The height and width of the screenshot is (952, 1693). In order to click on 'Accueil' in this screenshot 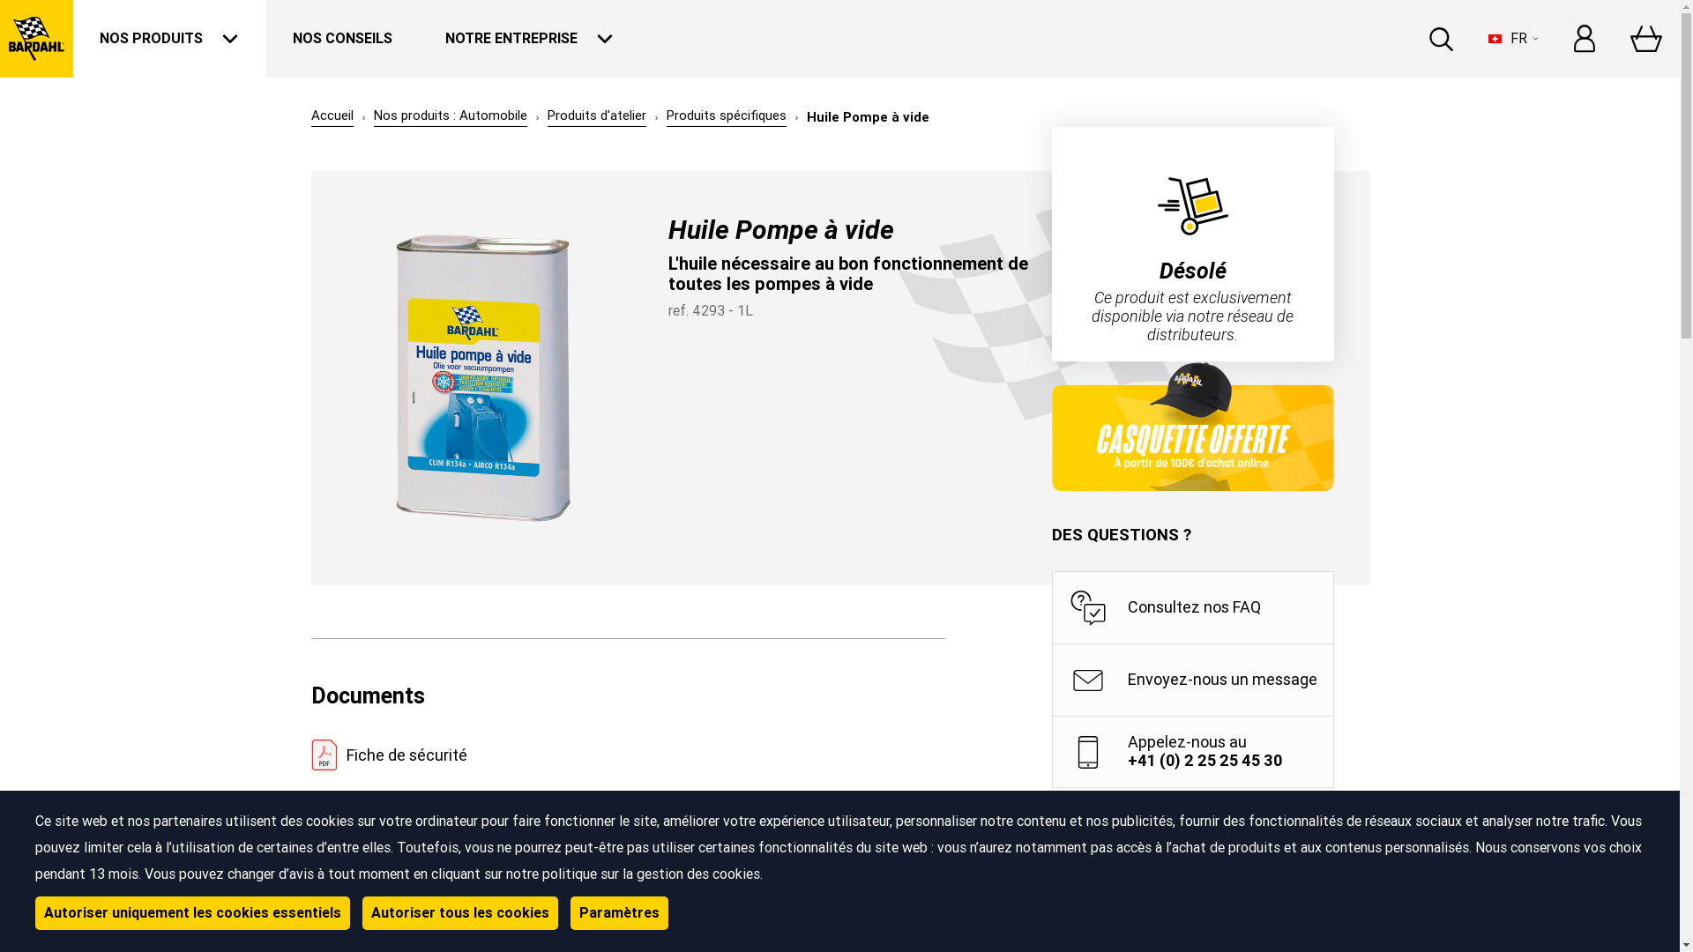, I will do `click(331, 116)`.